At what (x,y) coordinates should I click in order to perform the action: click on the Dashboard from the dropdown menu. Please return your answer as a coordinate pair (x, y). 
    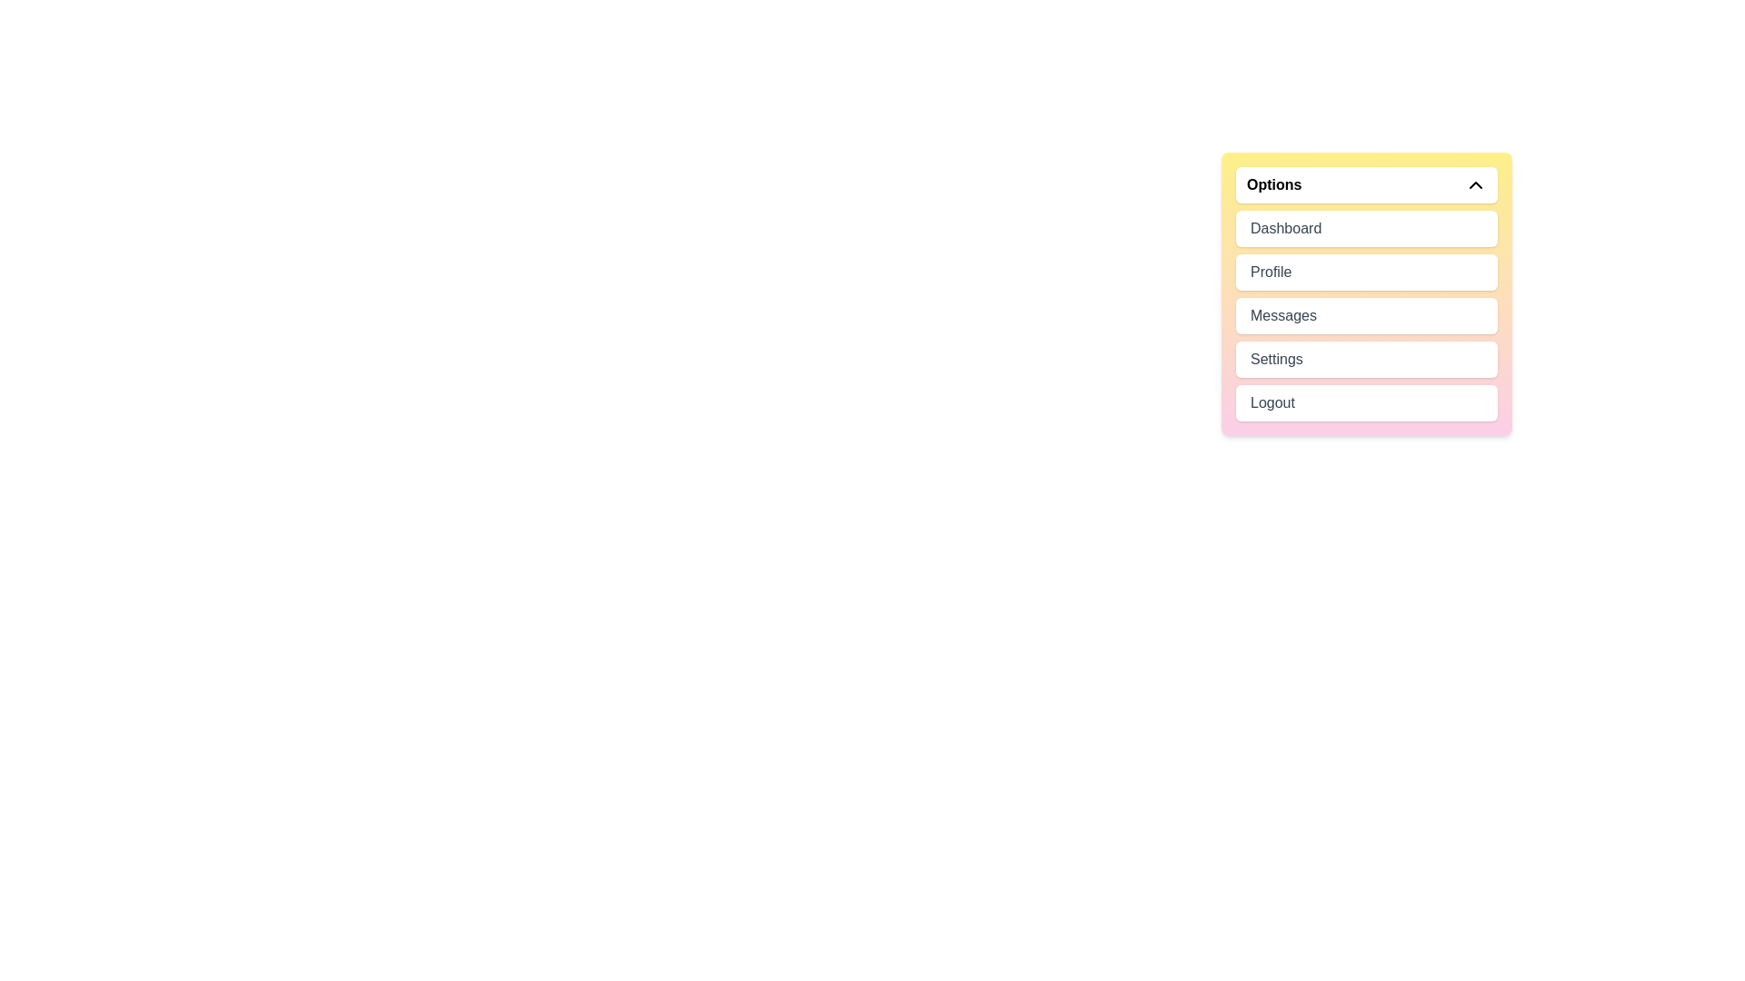
    Looking at the image, I should click on (1366, 227).